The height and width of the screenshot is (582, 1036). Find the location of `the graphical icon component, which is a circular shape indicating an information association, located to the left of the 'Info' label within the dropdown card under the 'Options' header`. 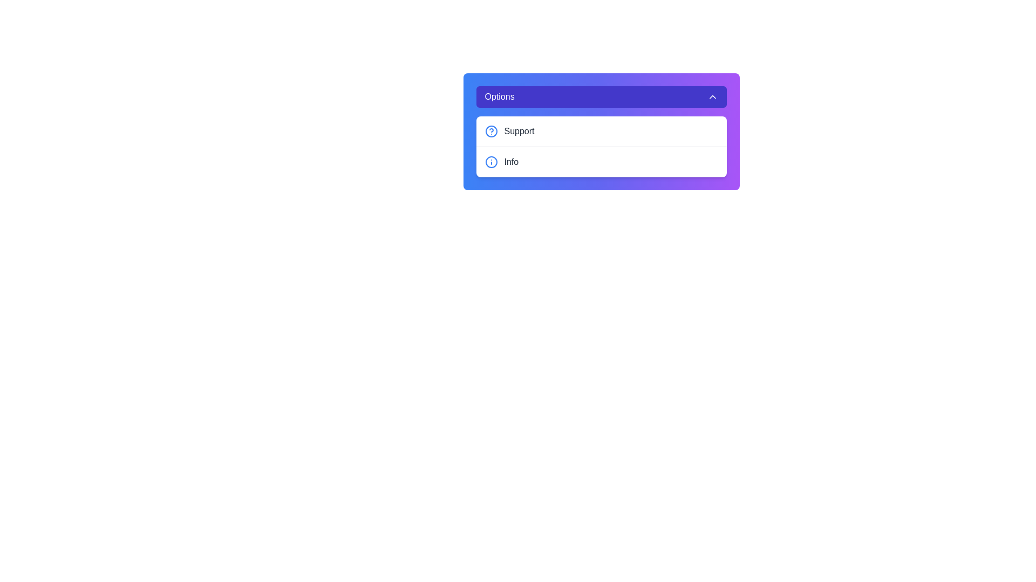

the graphical icon component, which is a circular shape indicating an information association, located to the left of the 'Info' label within the dropdown card under the 'Options' header is located at coordinates (490, 162).